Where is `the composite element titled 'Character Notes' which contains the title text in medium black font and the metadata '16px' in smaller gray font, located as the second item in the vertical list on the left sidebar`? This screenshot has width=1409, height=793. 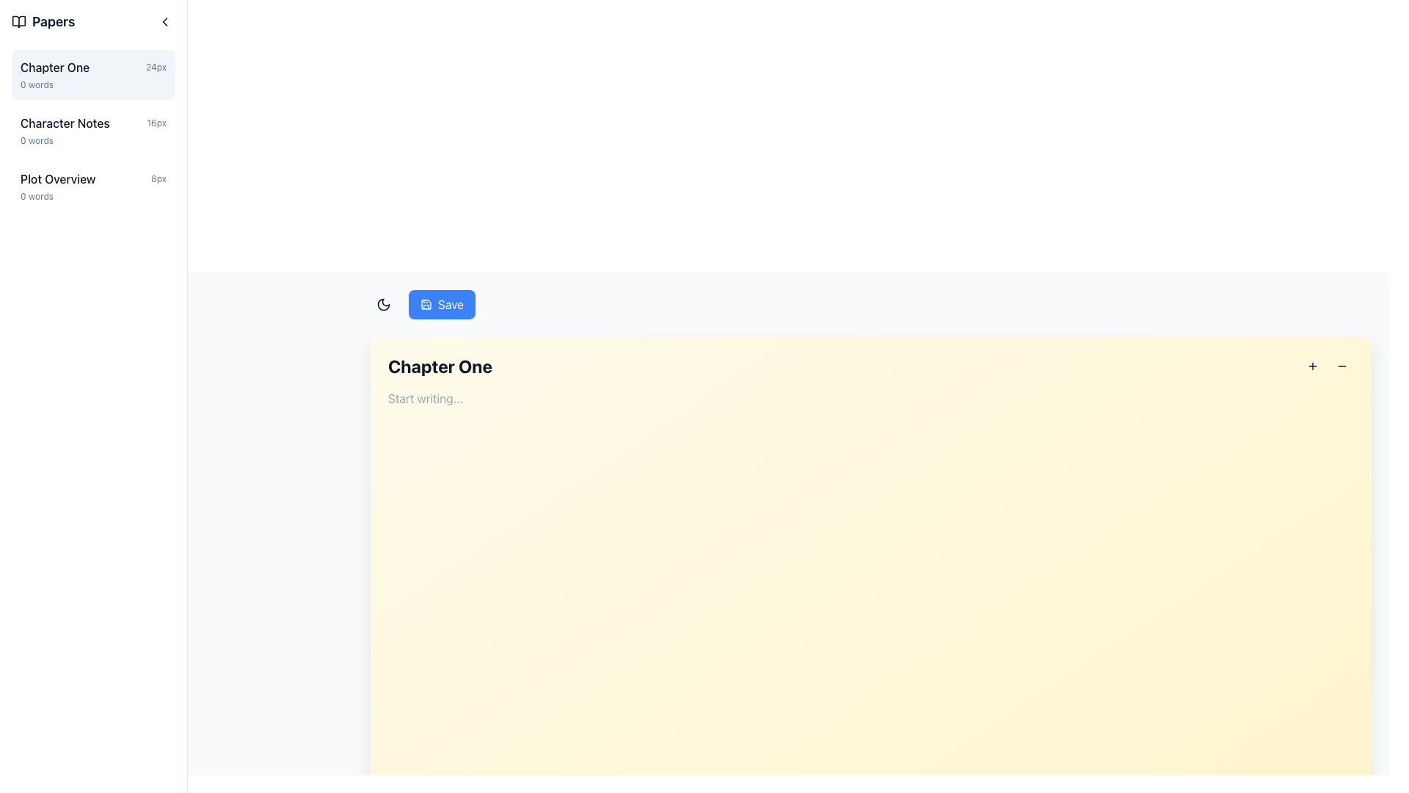 the composite element titled 'Character Notes' which contains the title text in medium black font and the metadata '16px' in smaller gray font, located as the second item in the vertical list on the left sidebar is located at coordinates (92, 123).